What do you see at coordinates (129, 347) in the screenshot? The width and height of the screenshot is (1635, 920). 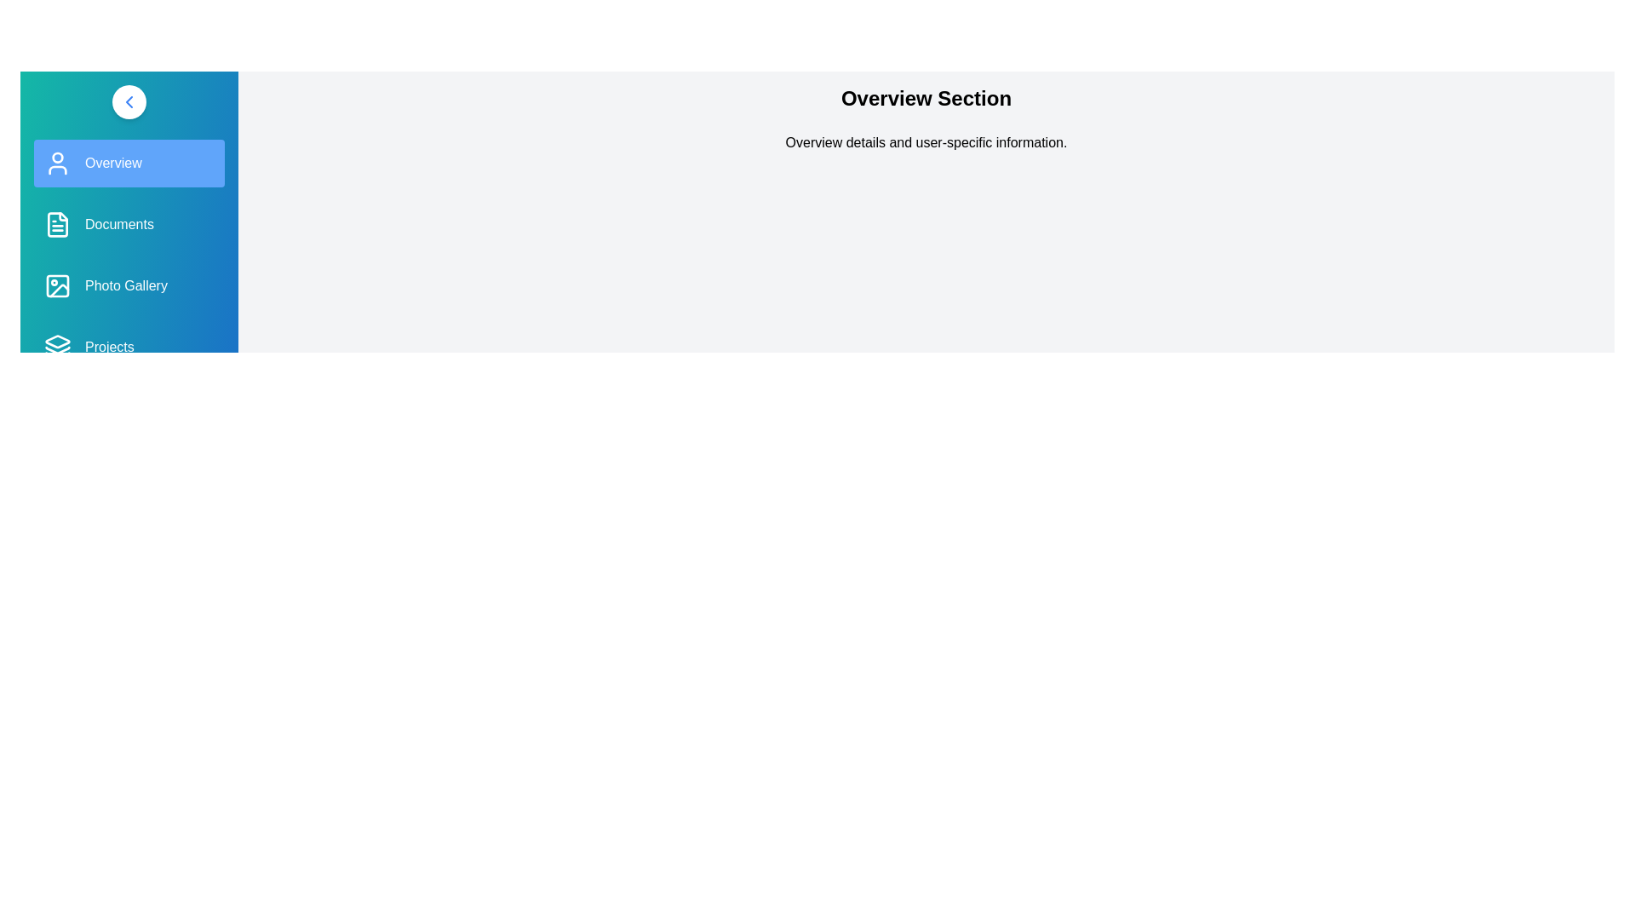 I see `the navigation item Projects from the list` at bounding box center [129, 347].